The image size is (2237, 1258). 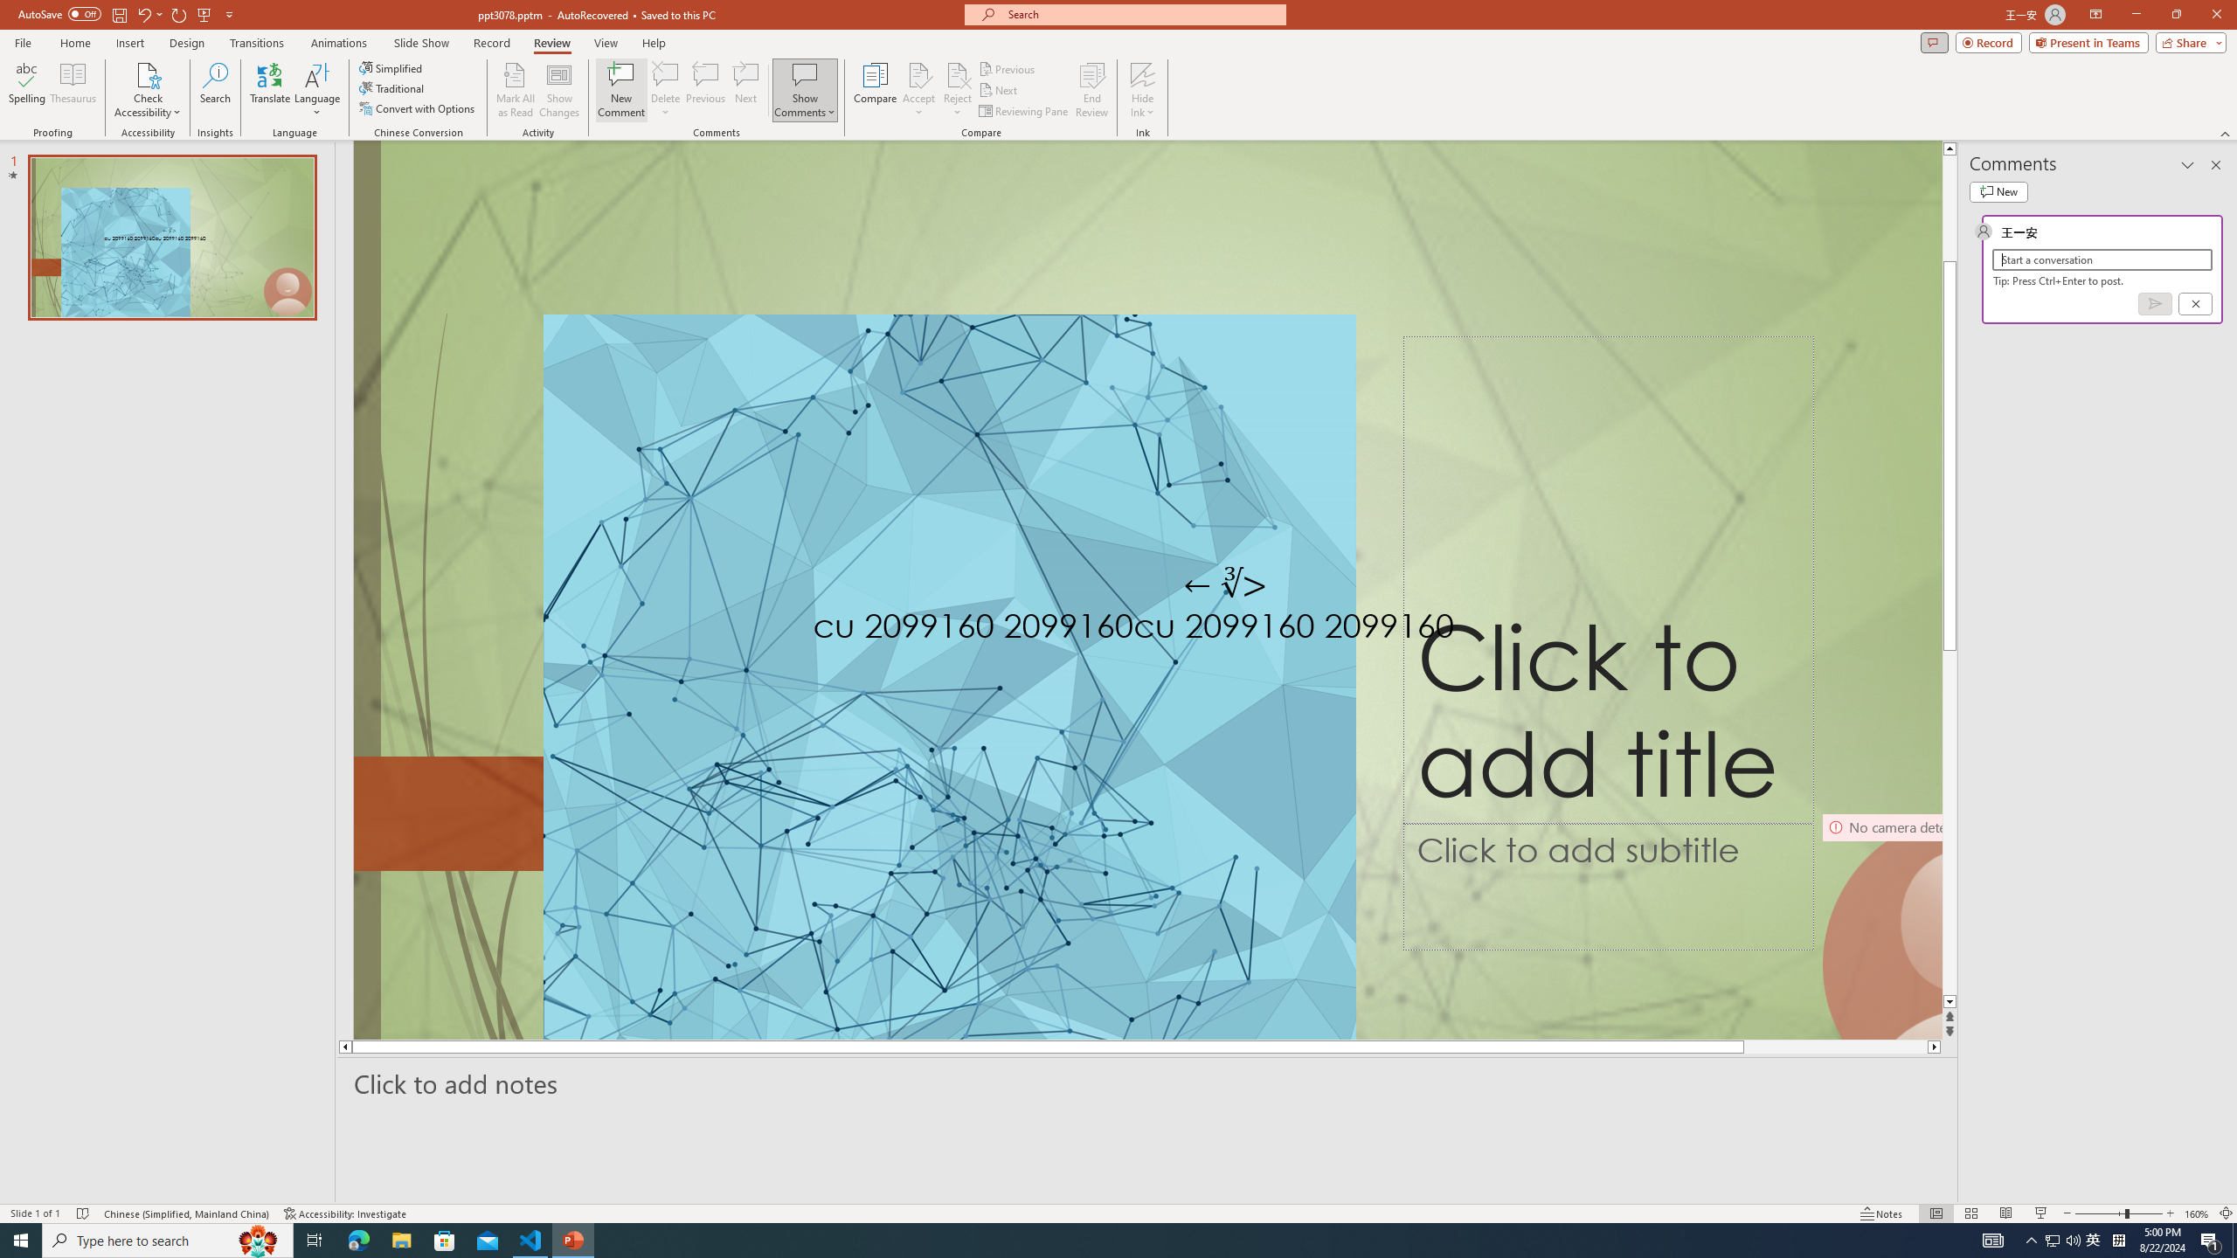 What do you see at coordinates (1146, 589) in the screenshot?
I see `'An abstract genetic concept'` at bounding box center [1146, 589].